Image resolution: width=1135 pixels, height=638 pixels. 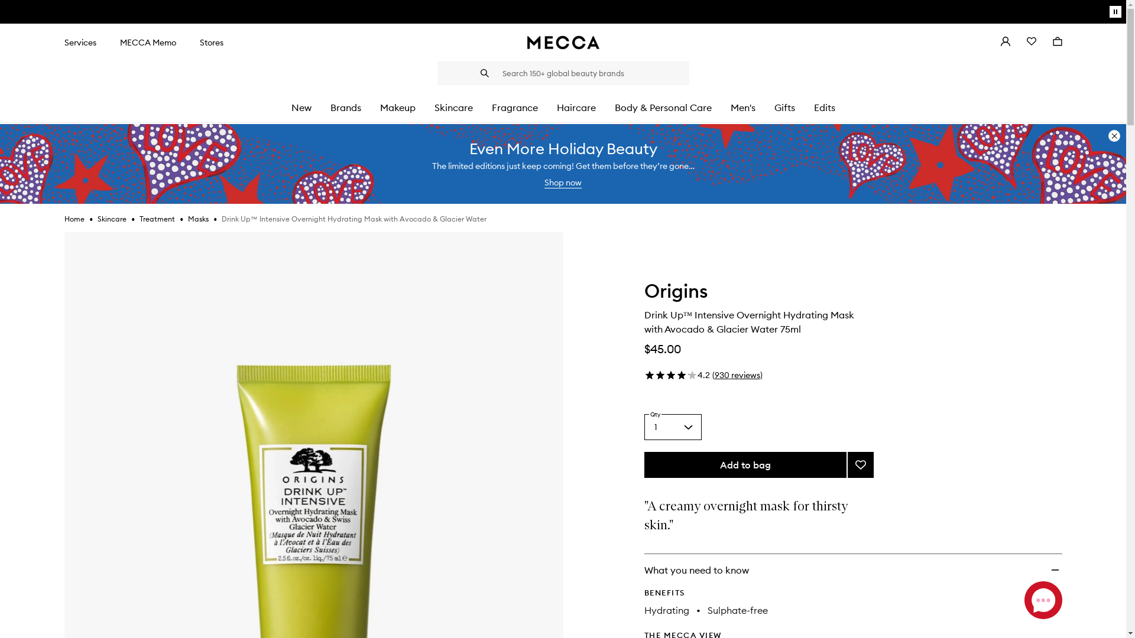 I want to click on 'Makeup', so click(x=397, y=108).